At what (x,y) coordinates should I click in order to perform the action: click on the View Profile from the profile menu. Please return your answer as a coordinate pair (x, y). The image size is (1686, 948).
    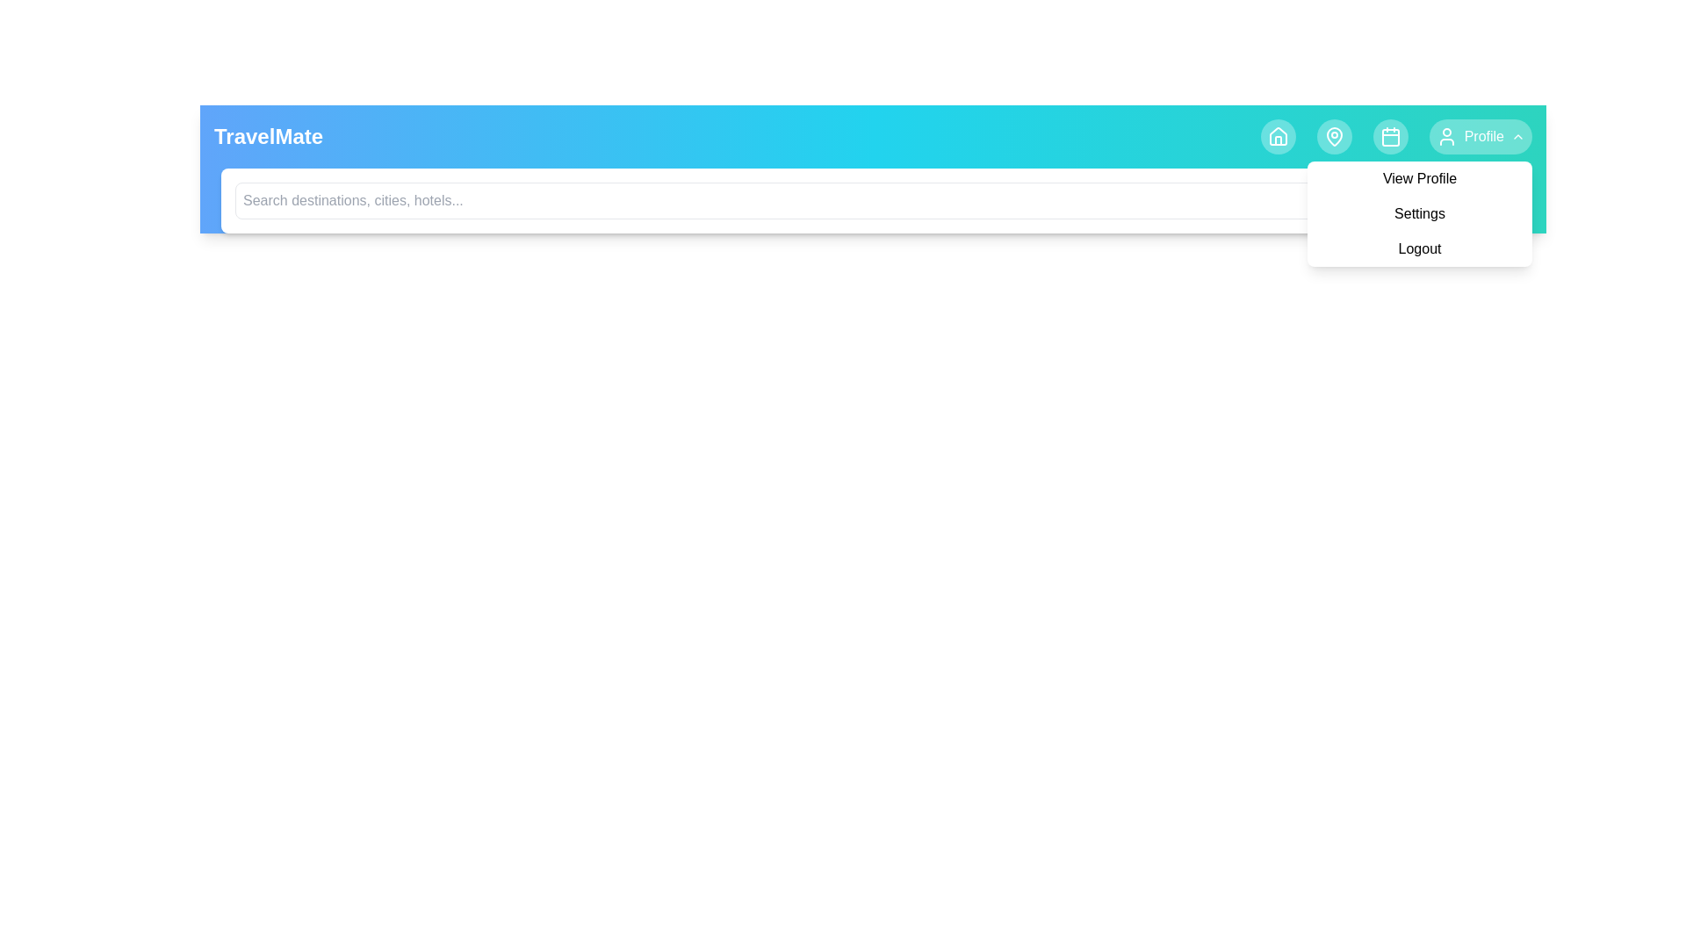
    Looking at the image, I should click on (1420, 179).